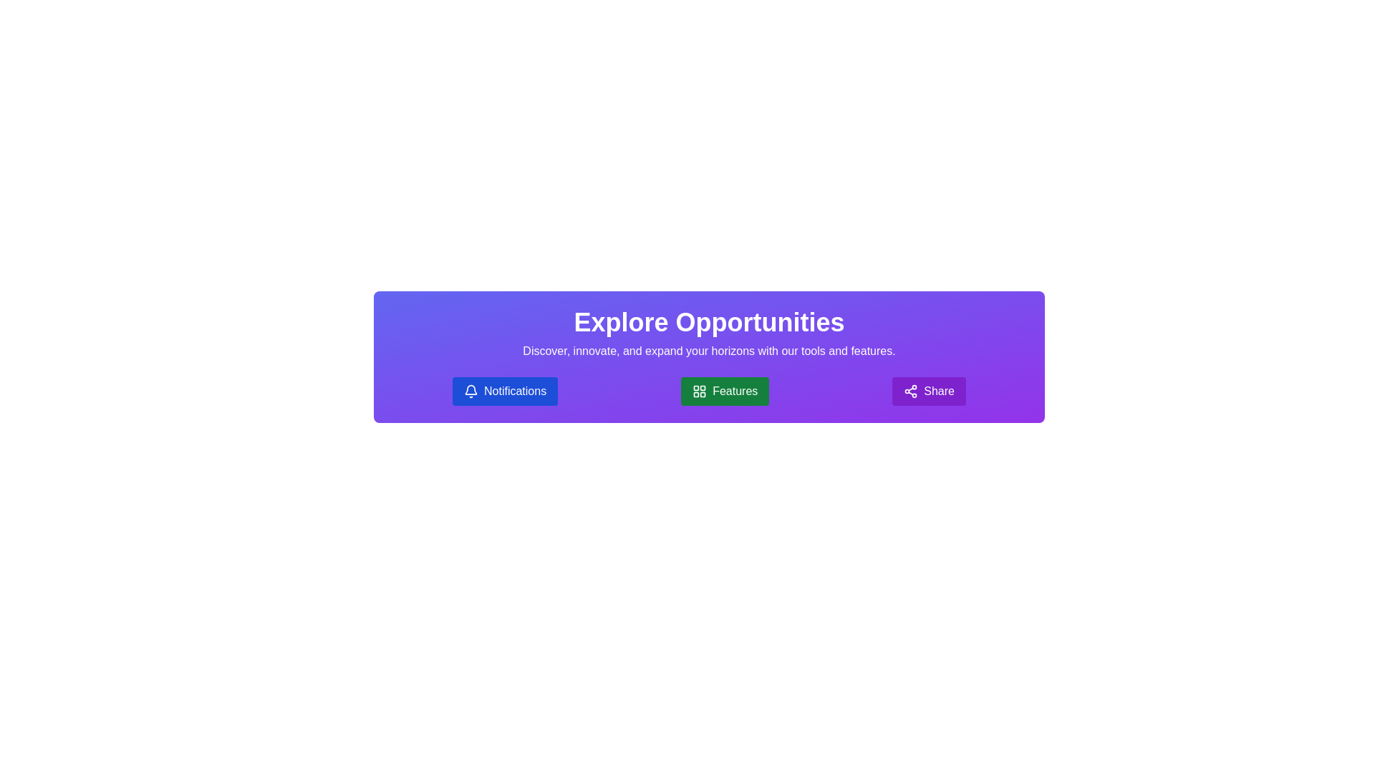 This screenshot has height=773, width=1375. Describe the element at coordinates (725, 392) in the screenshot. I see `the 'Features' button, which is a horizontally rectangular button with rounded corners on a green background, containing white text and a grid icon` at that location.